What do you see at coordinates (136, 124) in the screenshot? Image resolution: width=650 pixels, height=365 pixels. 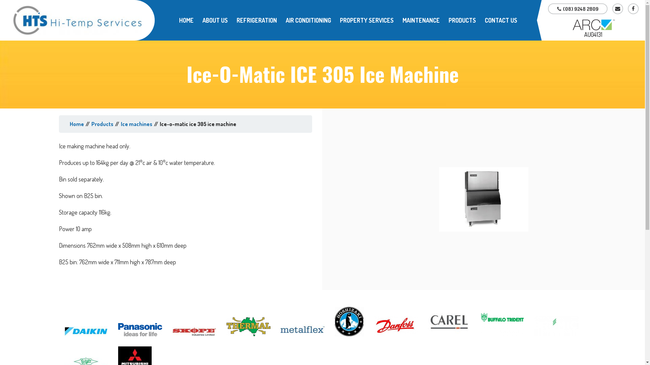 I see `'ice machines'` at bounding box center [136, 124].